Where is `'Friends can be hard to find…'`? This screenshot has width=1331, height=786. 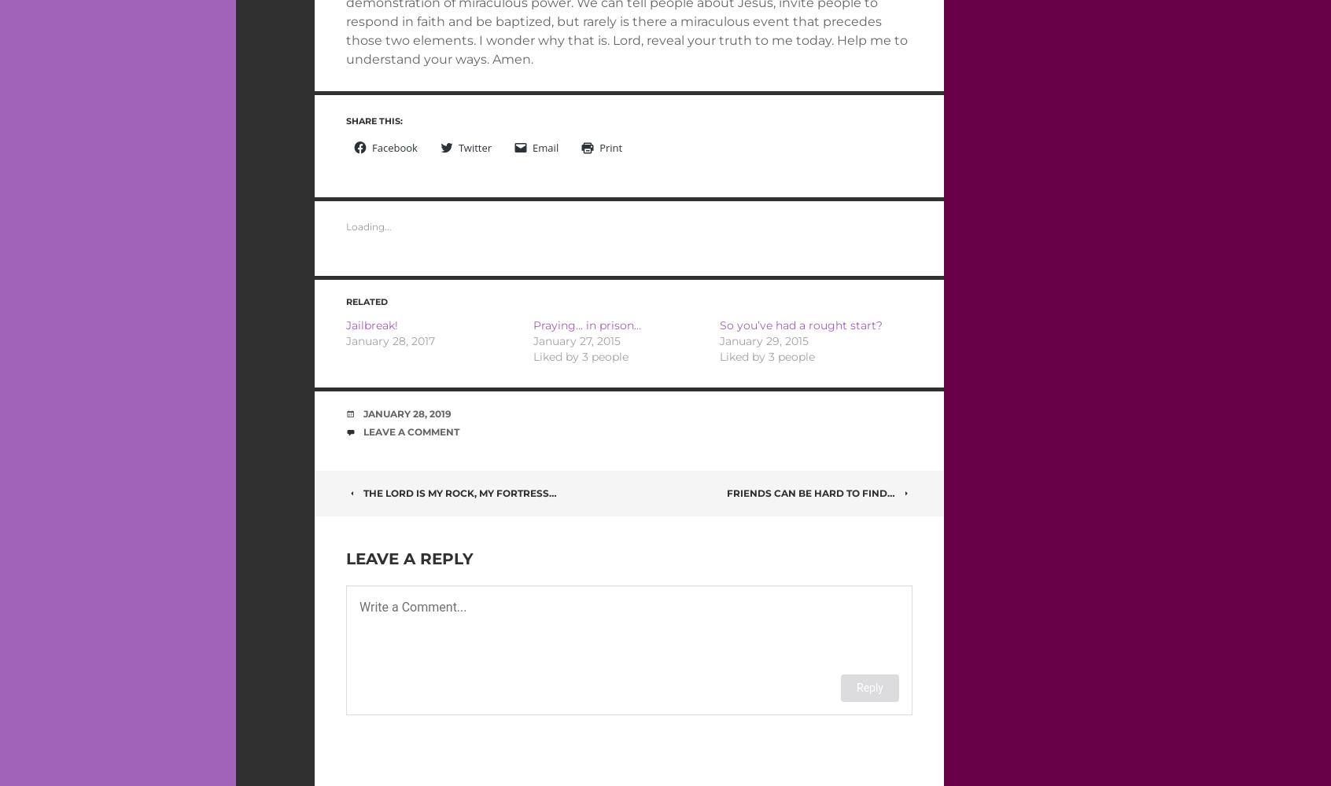 'Friends can be hard to find…' is located at coordinates (809, 492).